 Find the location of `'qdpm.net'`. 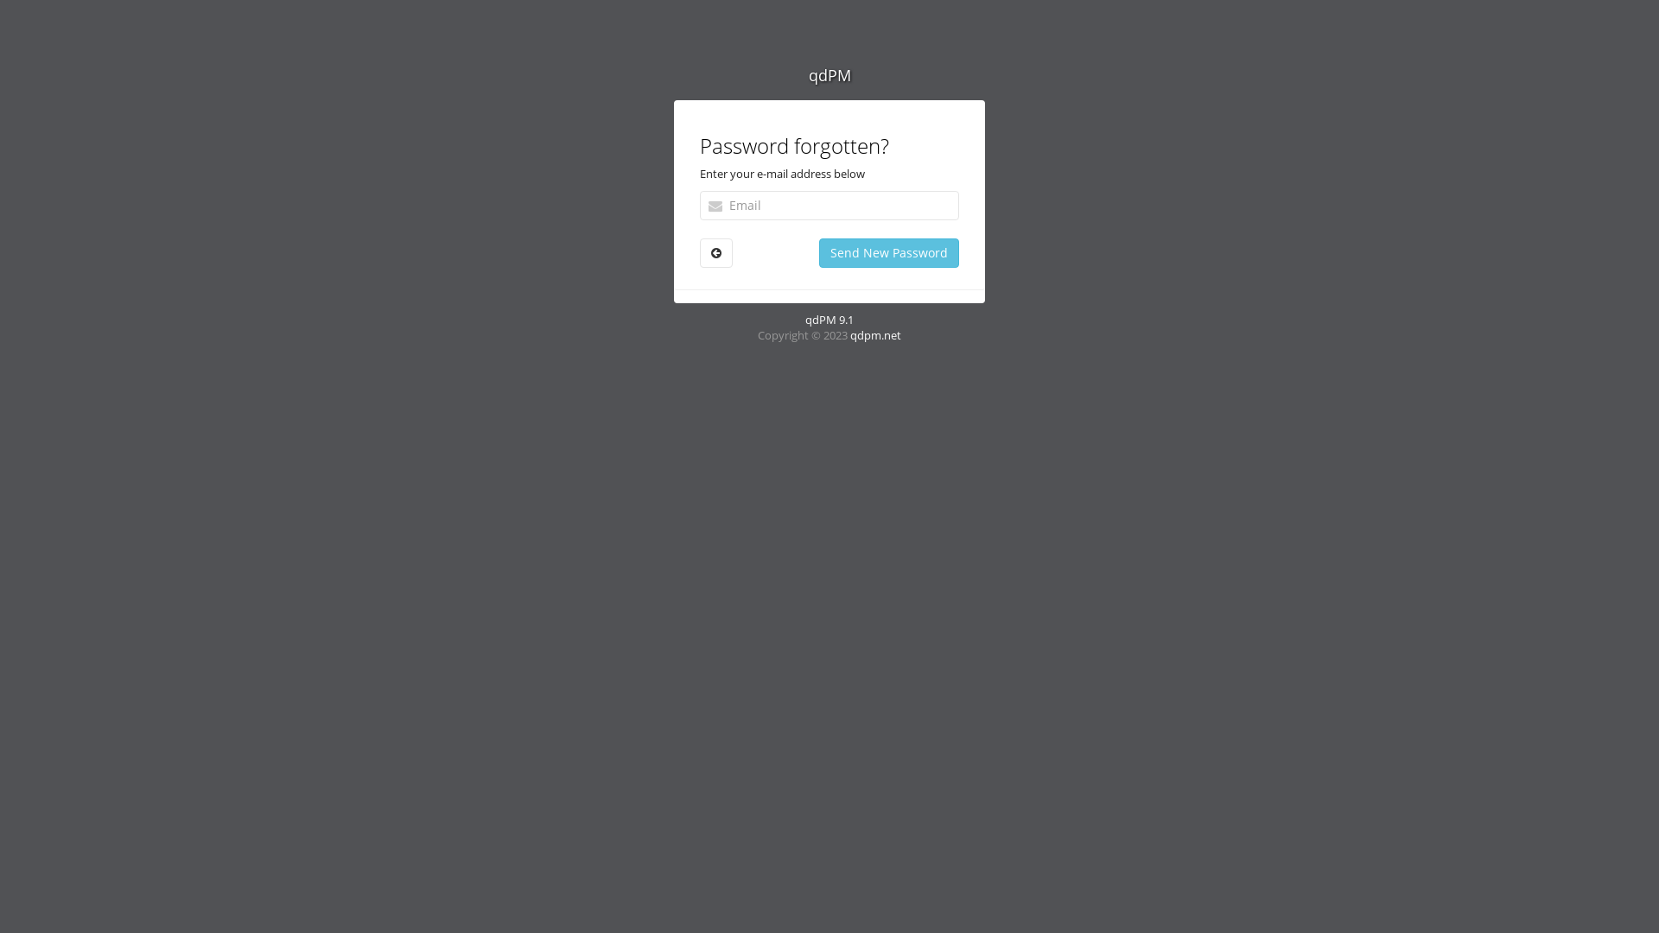

'qdpm.net' is located at coordinates (875, 335).